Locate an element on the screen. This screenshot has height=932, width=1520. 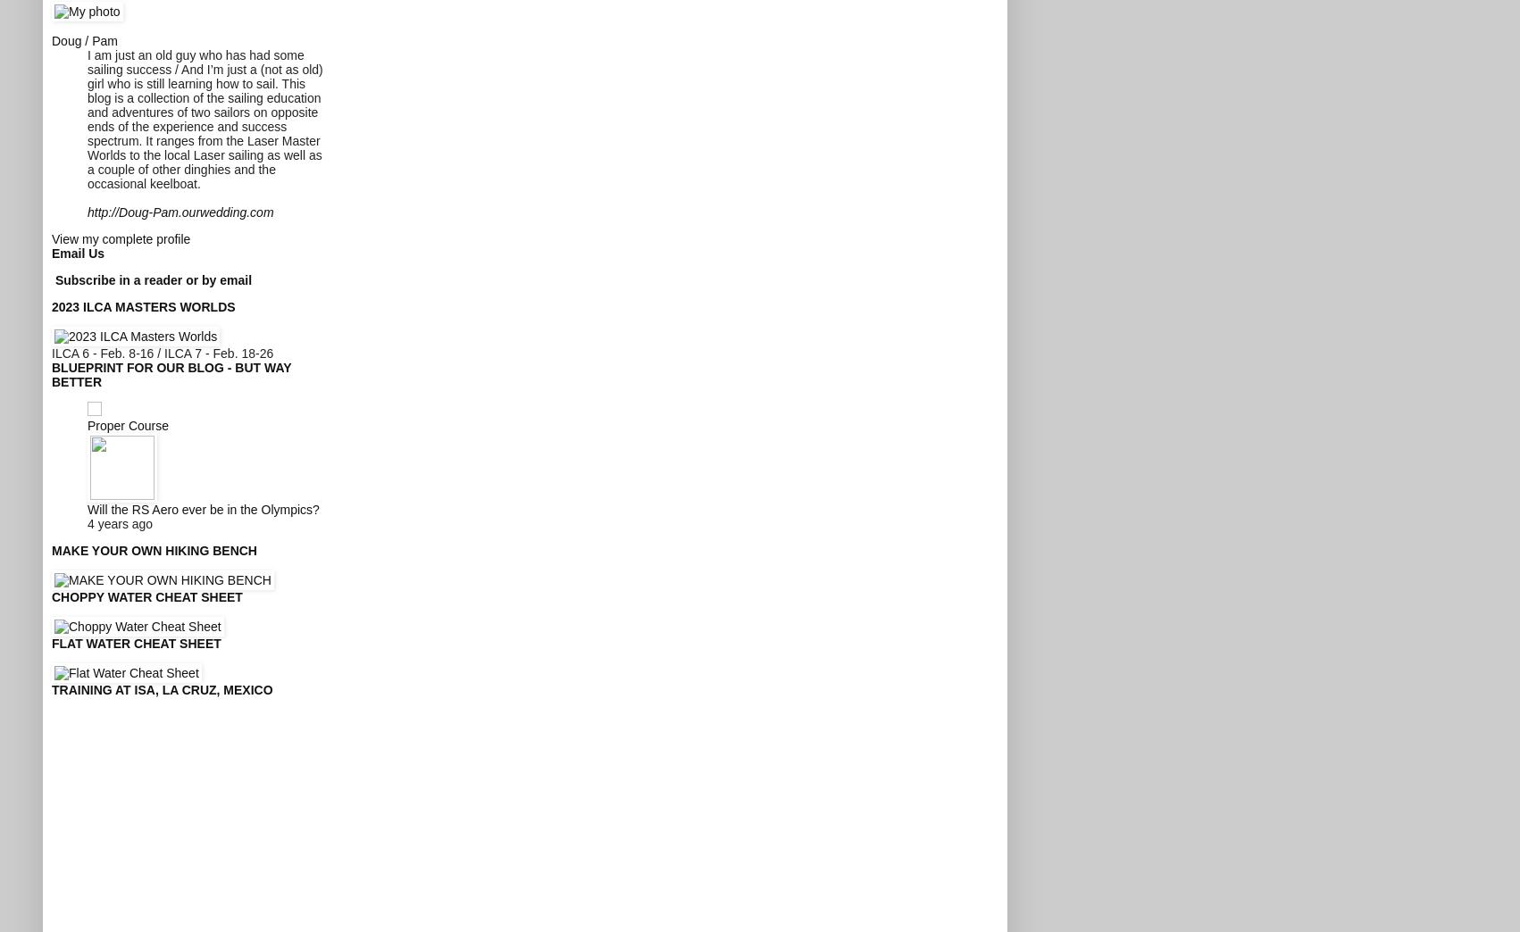
'View my complete profile' is located at coordinates (121, 237).